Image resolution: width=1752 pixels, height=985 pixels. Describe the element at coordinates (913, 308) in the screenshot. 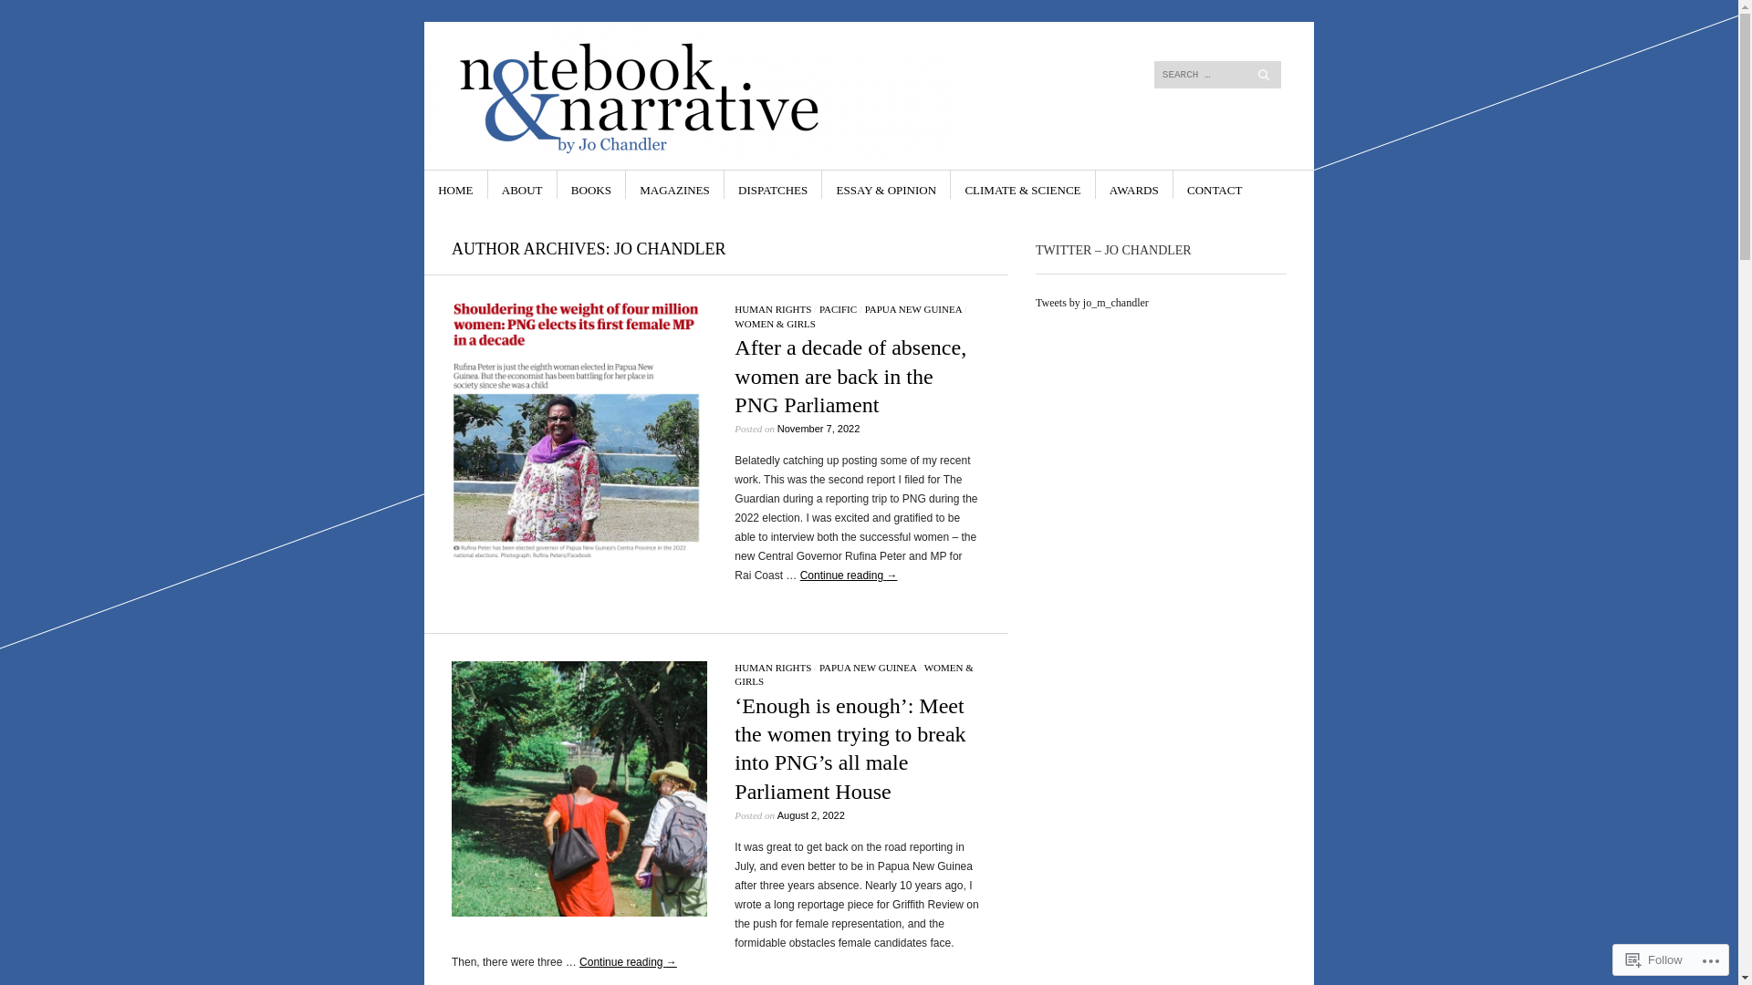

I see `'PAPUA NEW GUINEA'` at that location.